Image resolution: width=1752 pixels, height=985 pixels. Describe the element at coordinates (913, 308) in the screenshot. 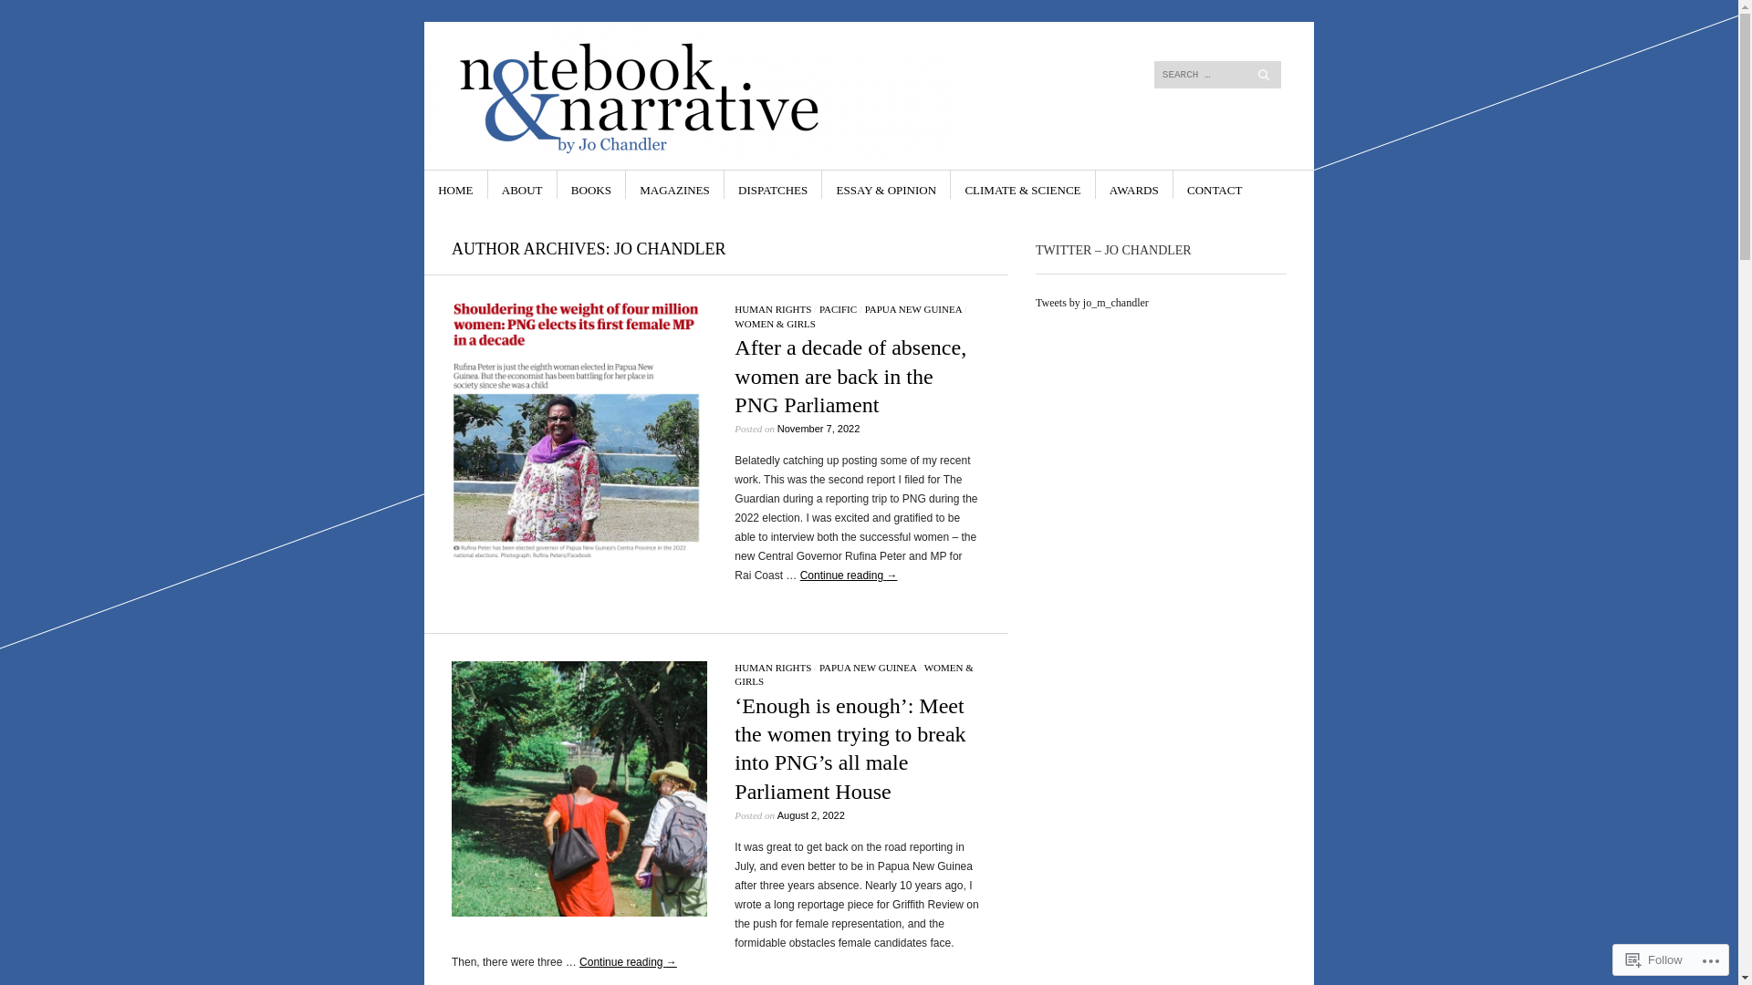

I see `'PAPUA NEW GUINEA'` at that location.